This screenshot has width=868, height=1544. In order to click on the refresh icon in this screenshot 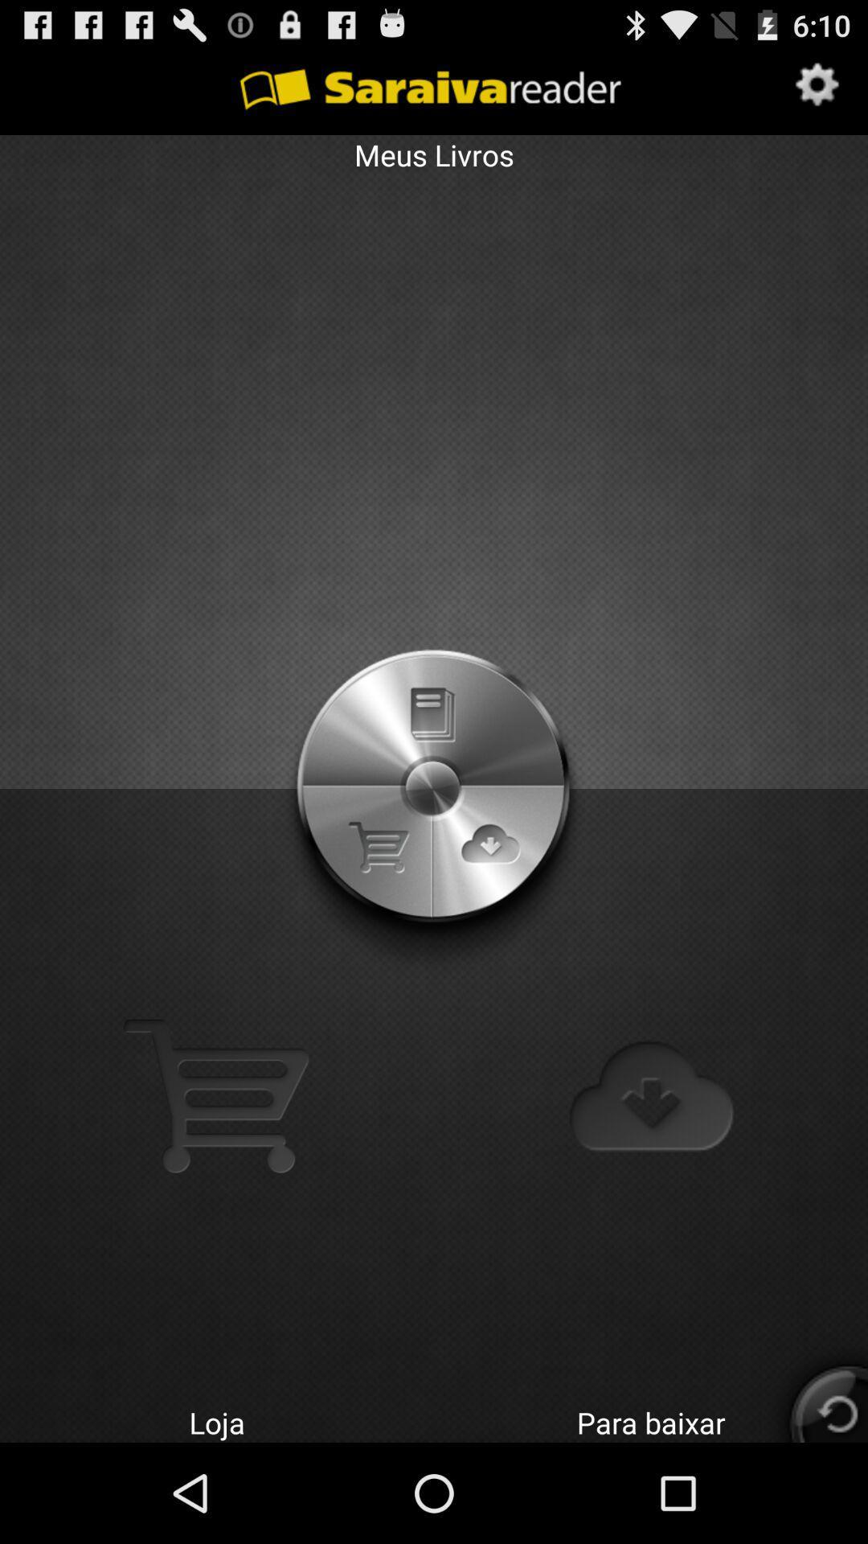, I will do `click(813, 1485)`.